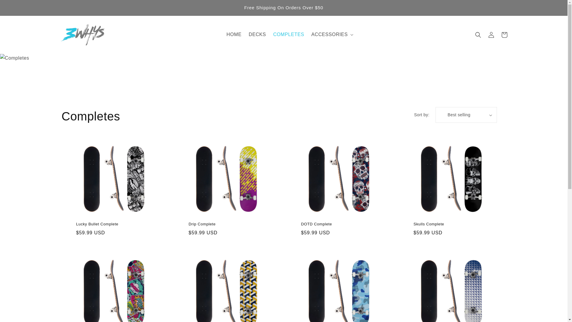 This screenshot has width=572, height=322. I want to click on 'Drip Complete', so click(224, 224).